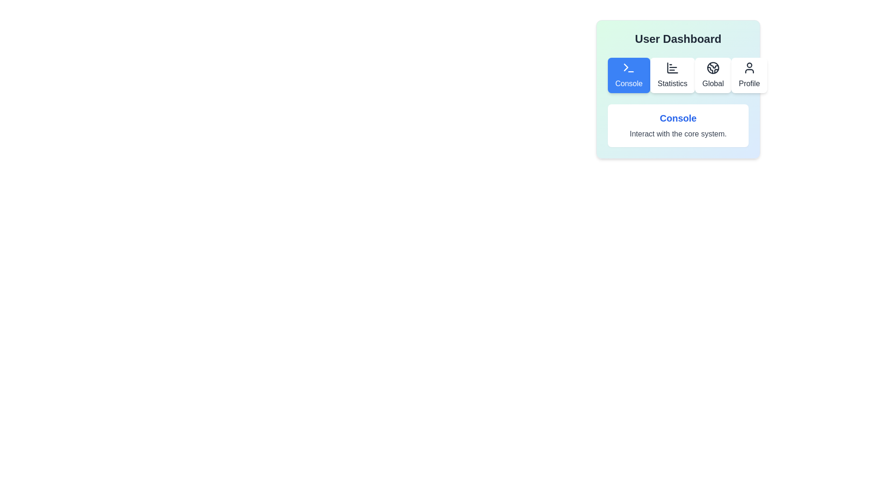  What do you see at coordinates (672, 75) in the screenshot?
I see `the Statistics tab` at bounding box center [672, 75].